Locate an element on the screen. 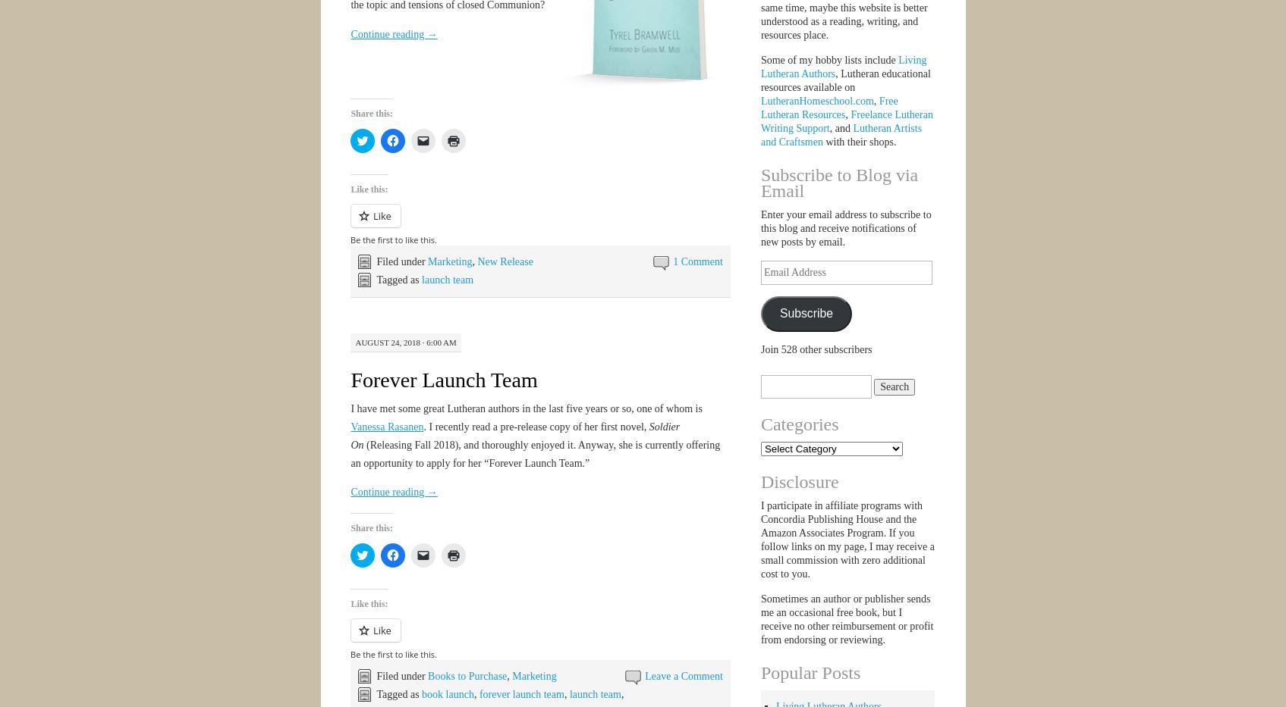  'Subscribe to Blog via Email' is located at coordinates (838, 182).